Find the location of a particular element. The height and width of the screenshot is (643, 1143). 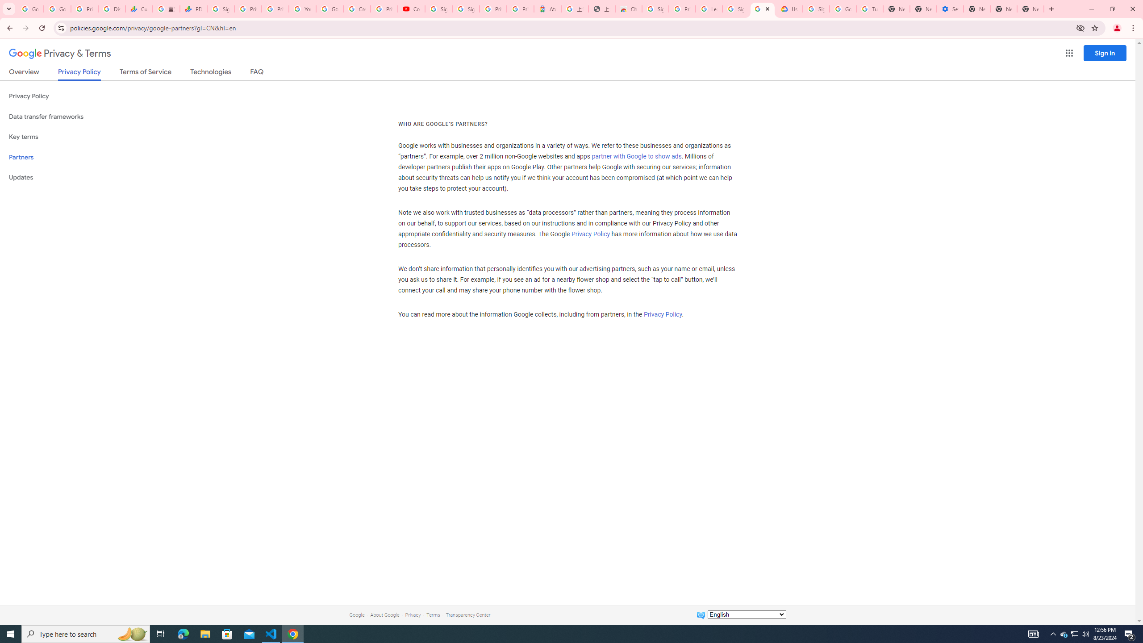

'Privacy & Terms' is located at coordinates (60, 53).